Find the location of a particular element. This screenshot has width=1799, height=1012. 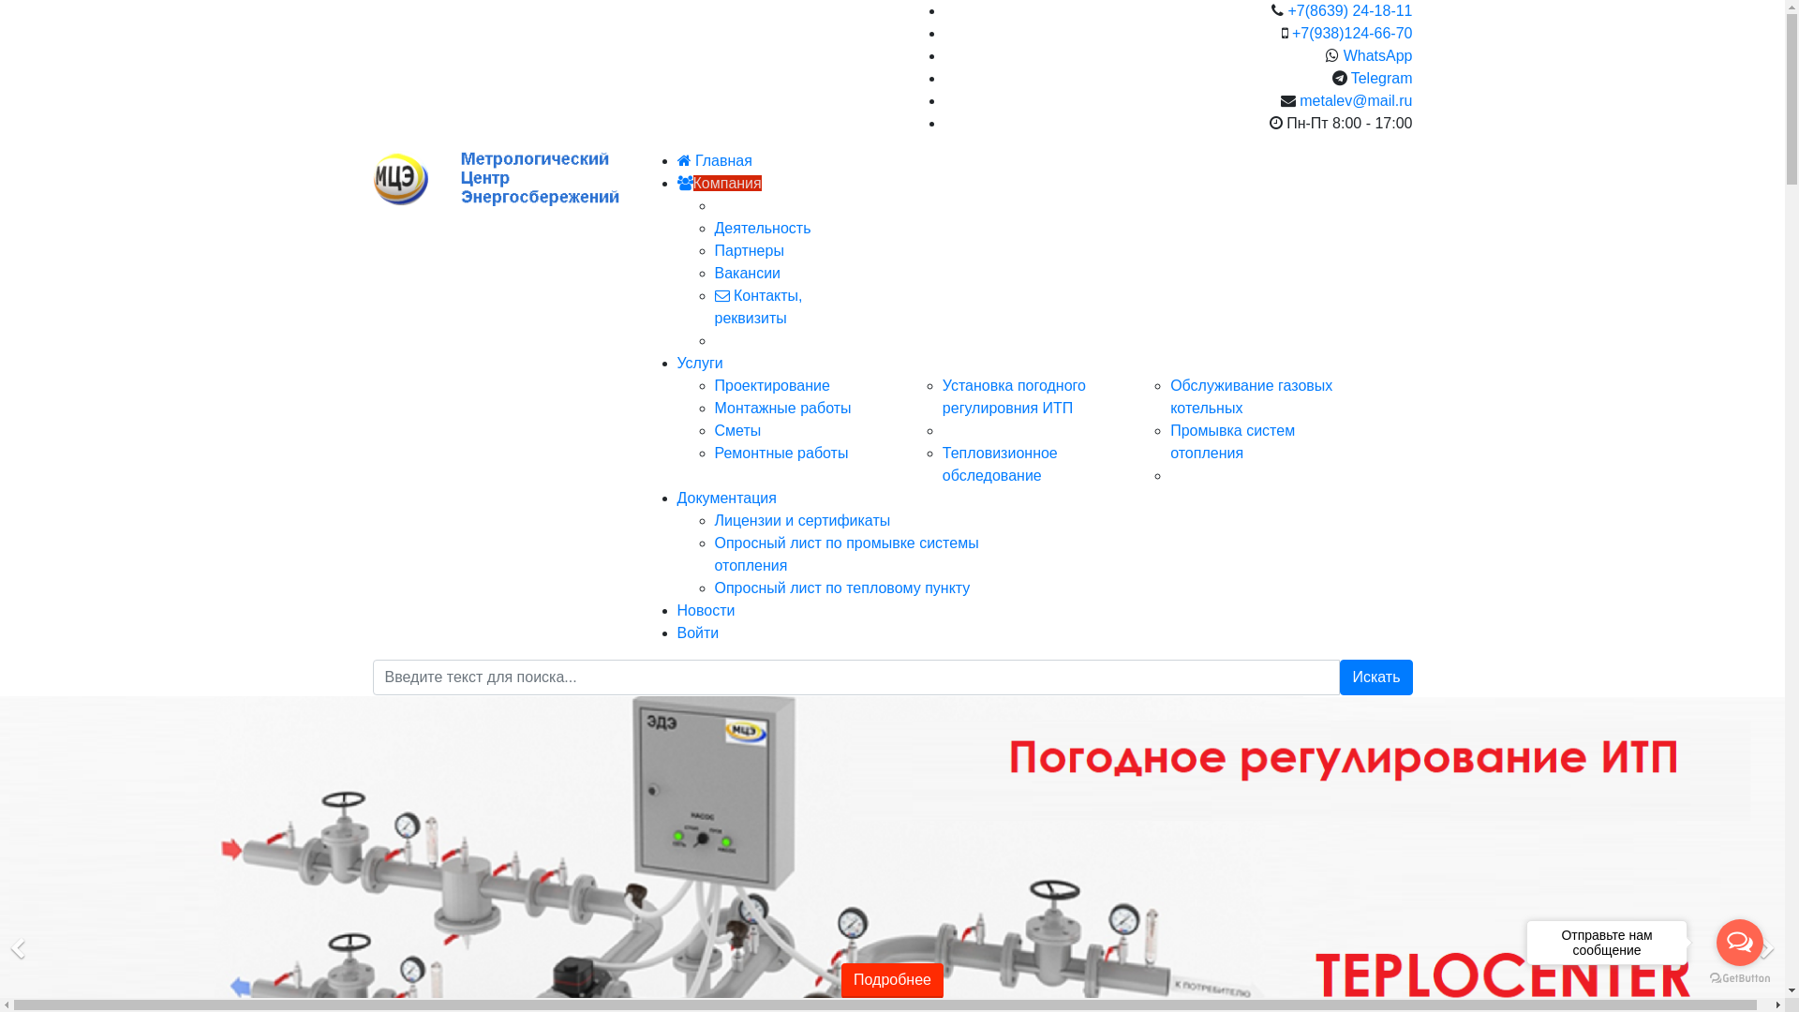

'metalev@mail.ru' is located at coordinates (1299, 100).